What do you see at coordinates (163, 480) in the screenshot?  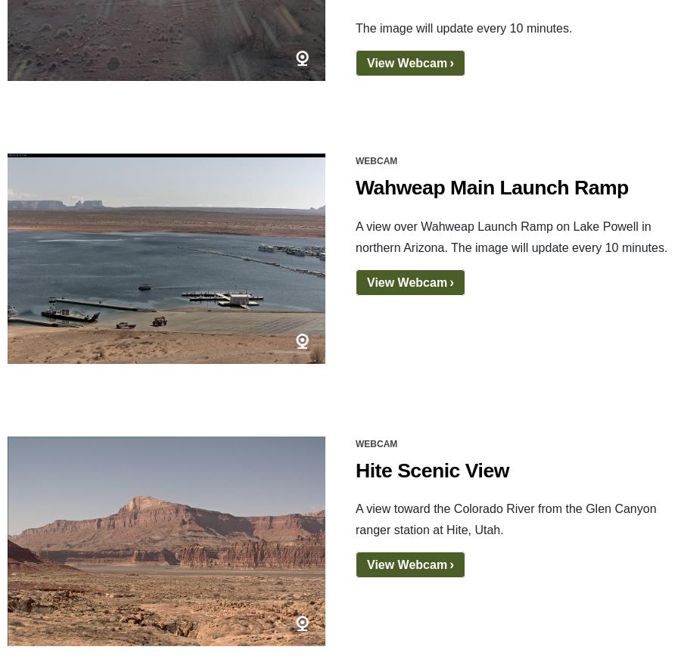 I see `'Disclaimer'` at bounding box center [163, 480].